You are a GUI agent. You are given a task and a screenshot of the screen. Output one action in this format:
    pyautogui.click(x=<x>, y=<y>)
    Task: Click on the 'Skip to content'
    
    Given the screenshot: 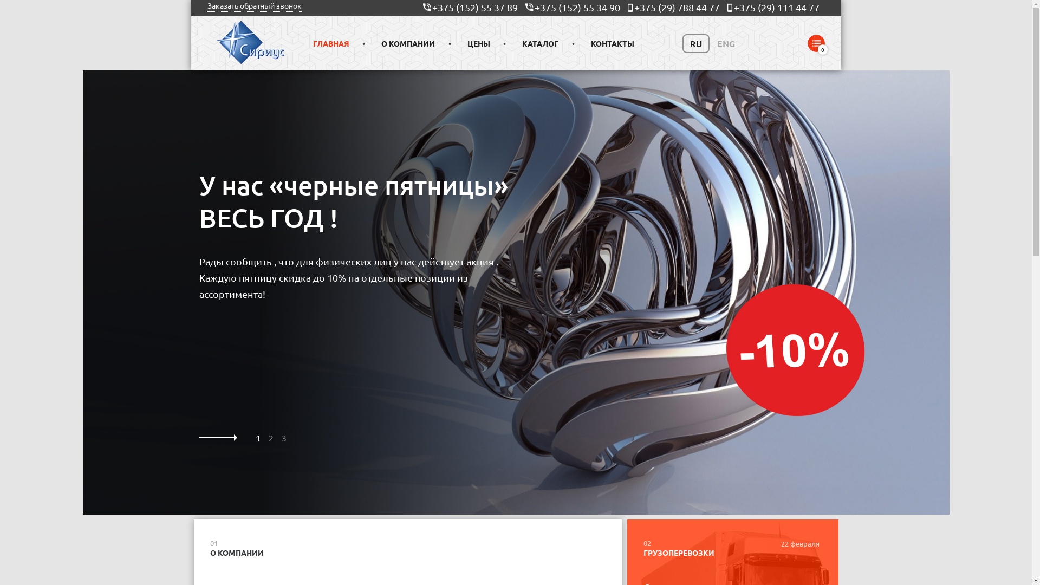 What is the action you would take?
    pyautogui.click(x=0, y=0)
    